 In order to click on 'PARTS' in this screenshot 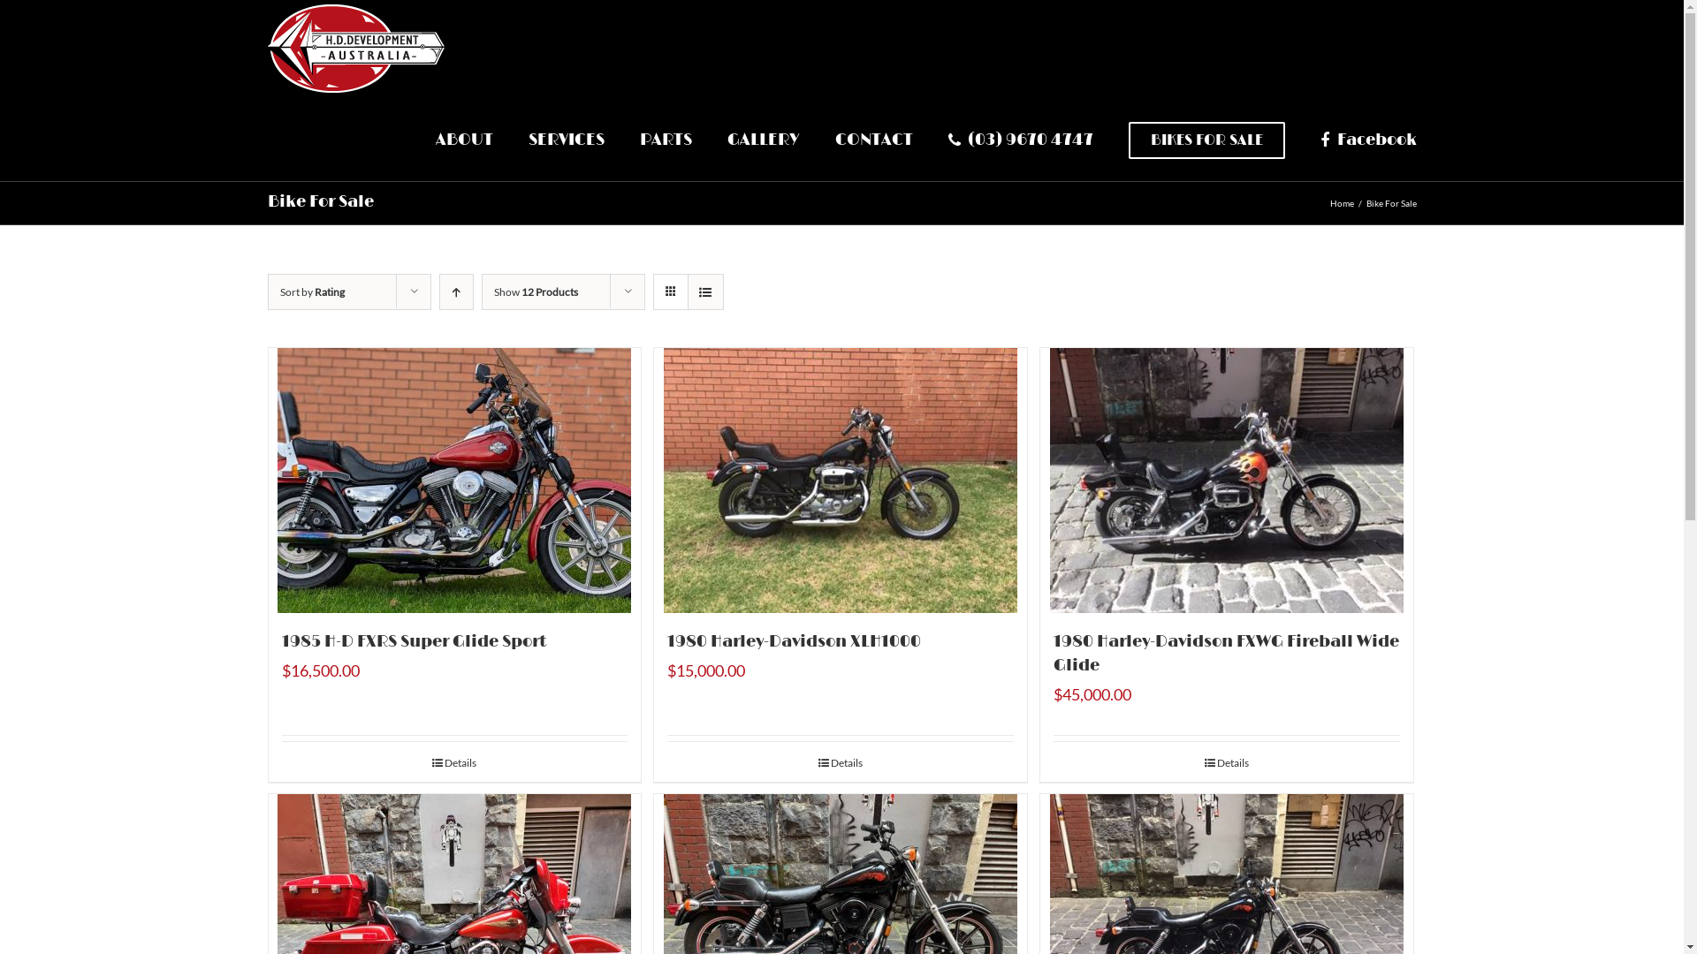, I will do `click(665, 138)`.